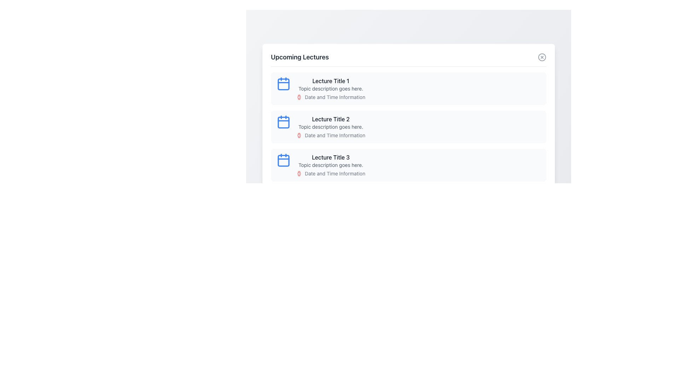  Describe the element at coordinates (283, 122) in the screenshot. I see `the central square area of the calendar icon associated with the second lecture in the list, which serves as a decorative component within the SVG element` at that location.